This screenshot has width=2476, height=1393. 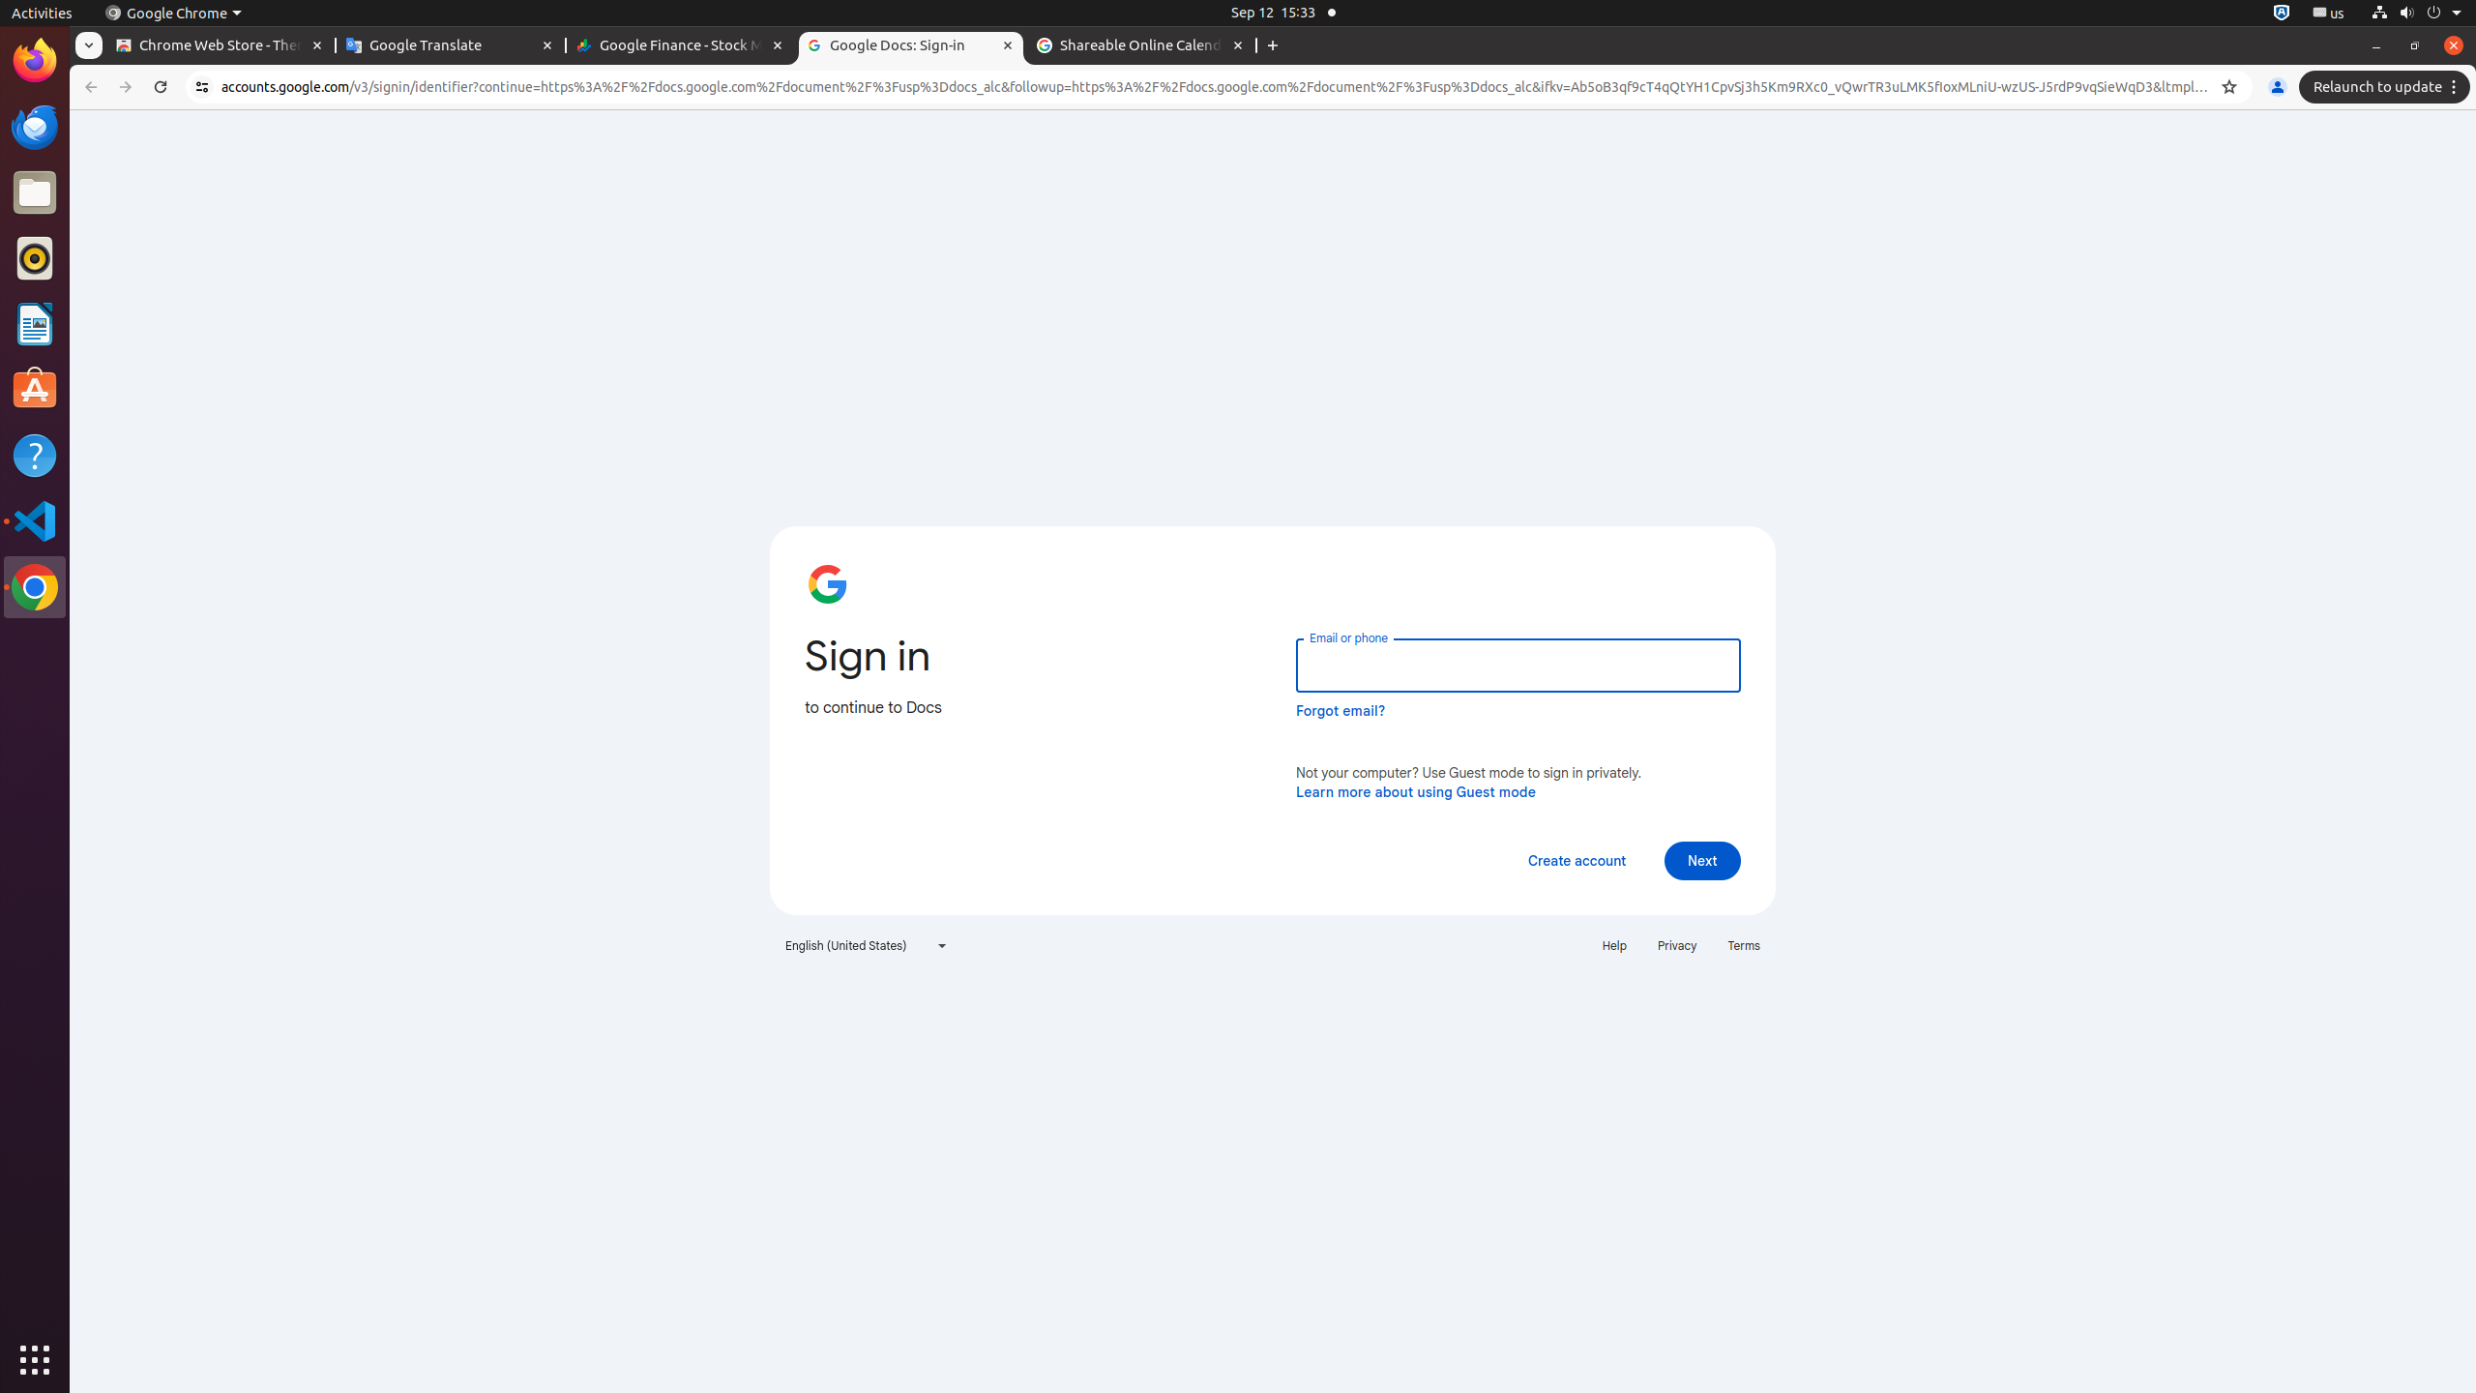 What do you see at coordinates (35, 389) in the screenshot?
I see `'Ubuntu Software'` at bounding box center [35, 389].